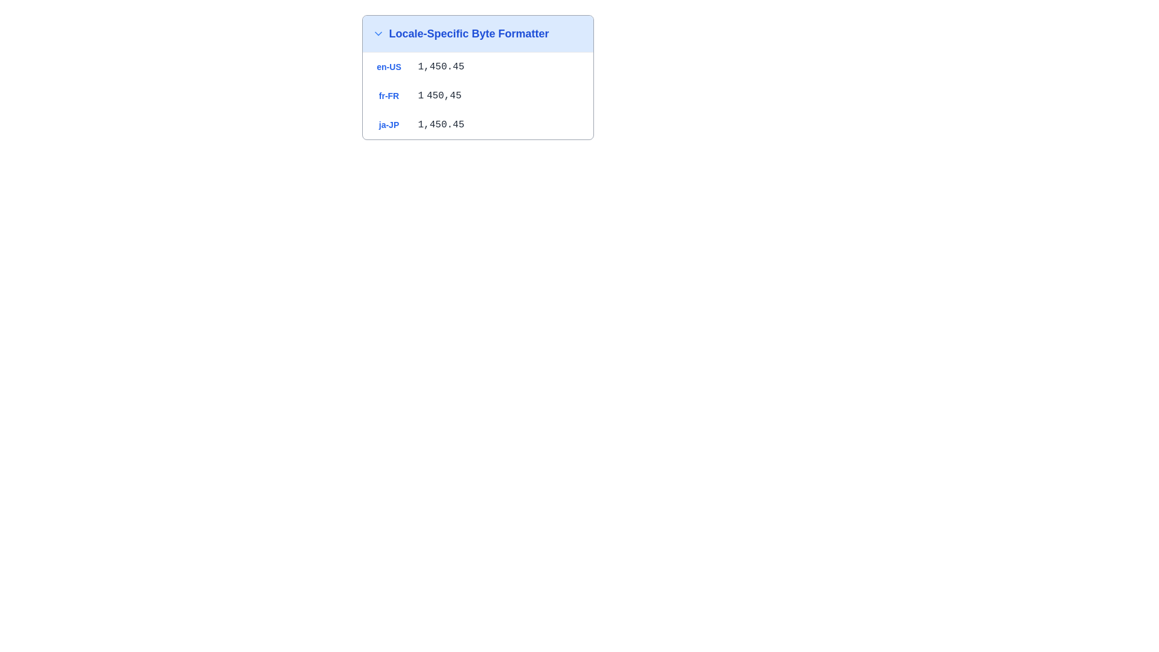  I want to click on the static text displaying 'fr-FR' in blue color, located under the header 'Locale-Specific Byte Formatter', so click(389, 95).